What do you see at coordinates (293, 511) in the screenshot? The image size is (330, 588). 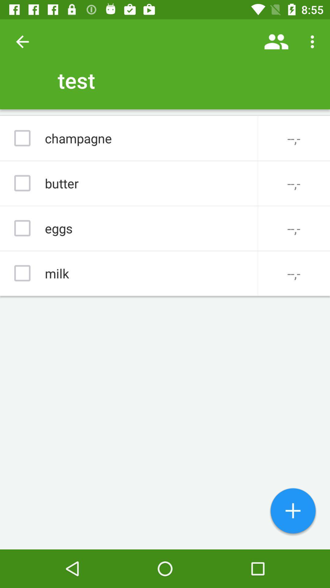 I see `the item below --,-` at bounding box center [293, 511].